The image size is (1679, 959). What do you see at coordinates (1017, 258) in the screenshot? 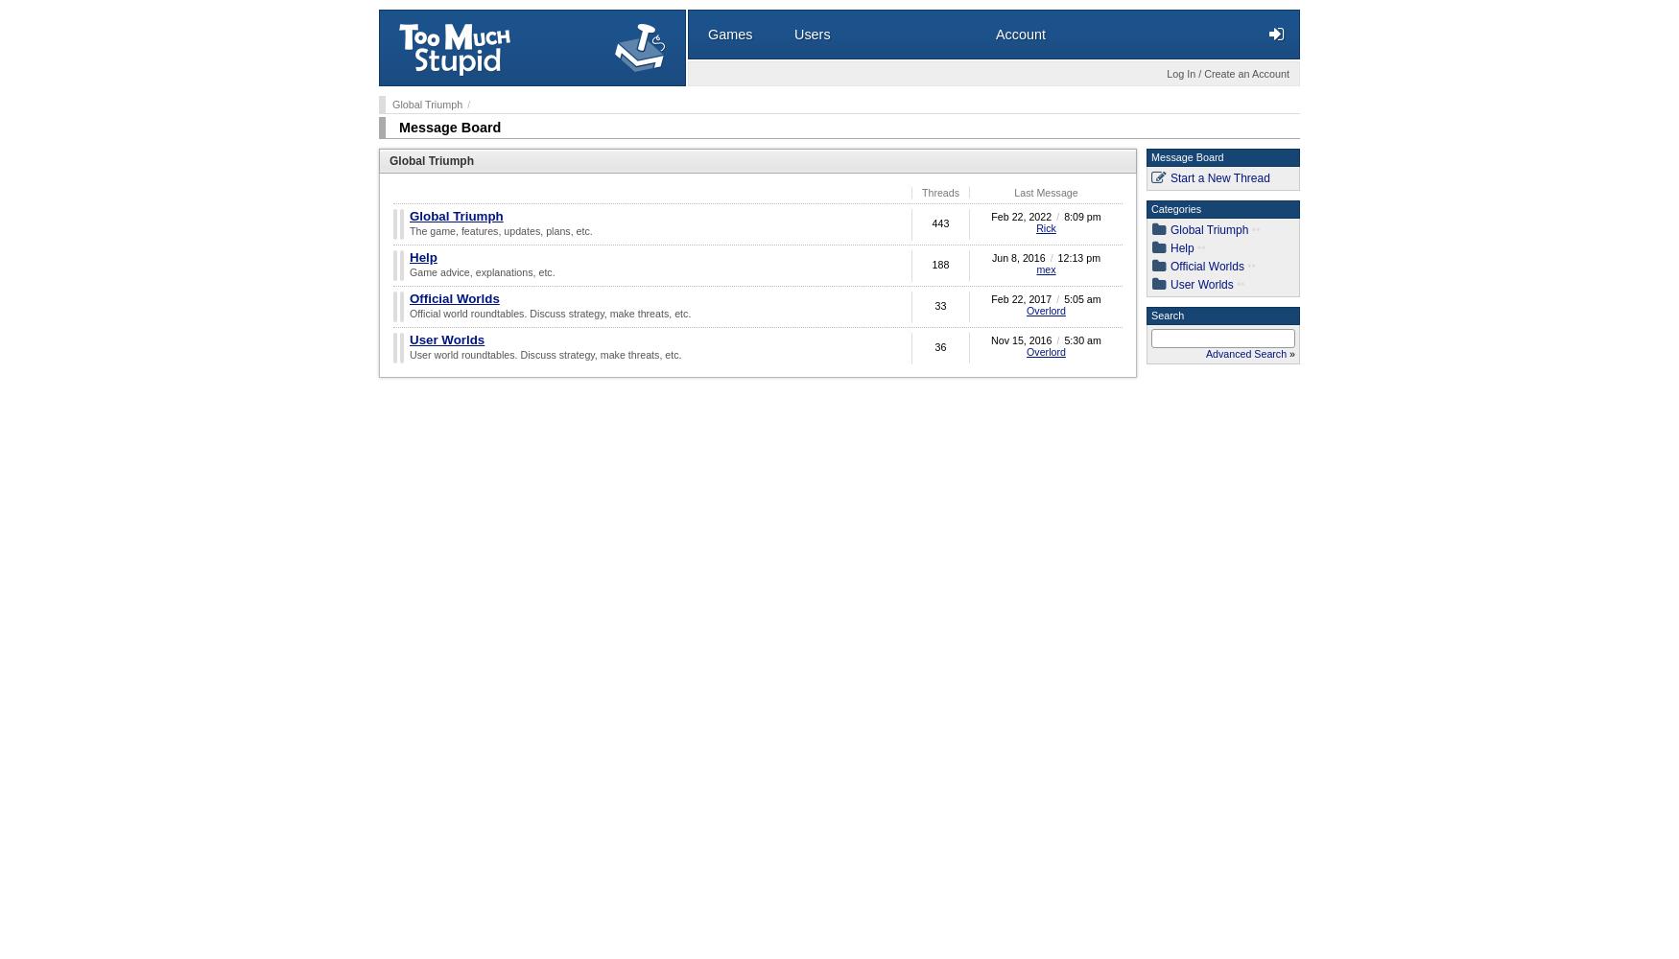
I see `'Jun 8, 2016'` at bounding box center [1017, 258].